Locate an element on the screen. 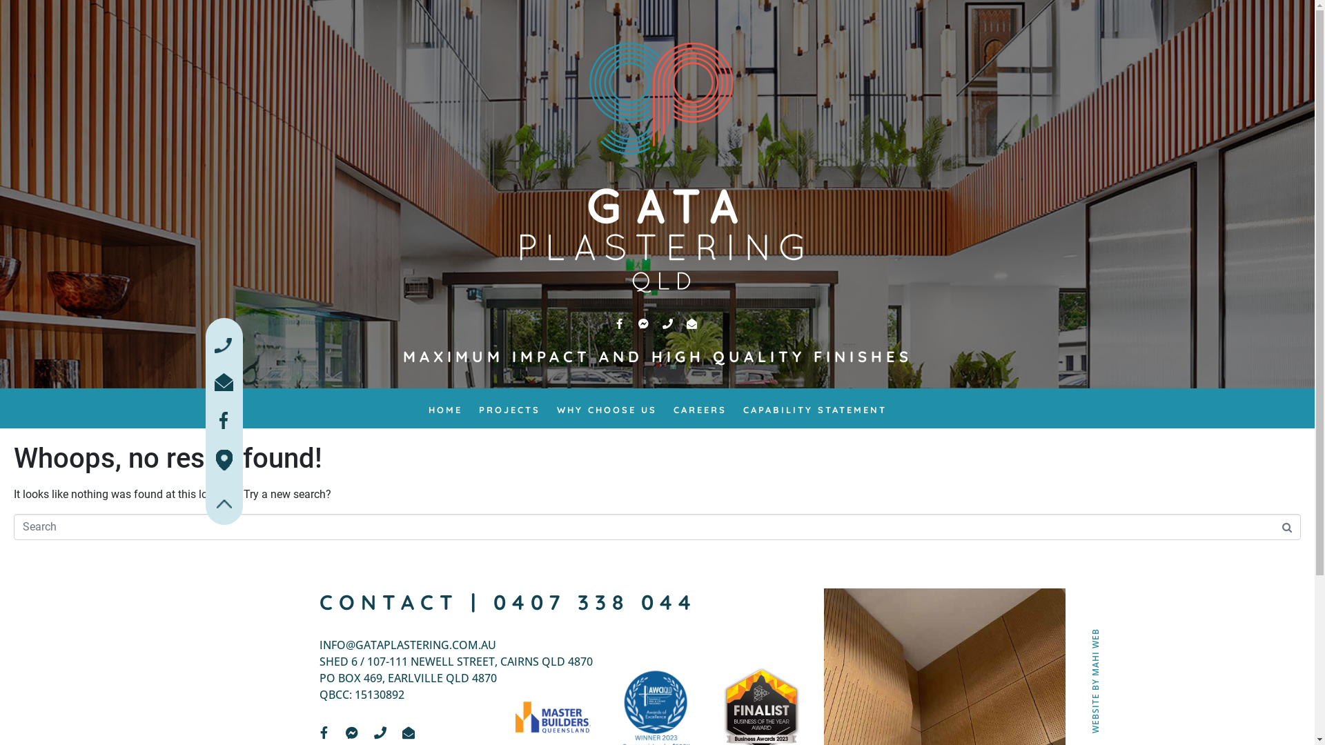  'CAREERS' is located at coordinates (700, 411).